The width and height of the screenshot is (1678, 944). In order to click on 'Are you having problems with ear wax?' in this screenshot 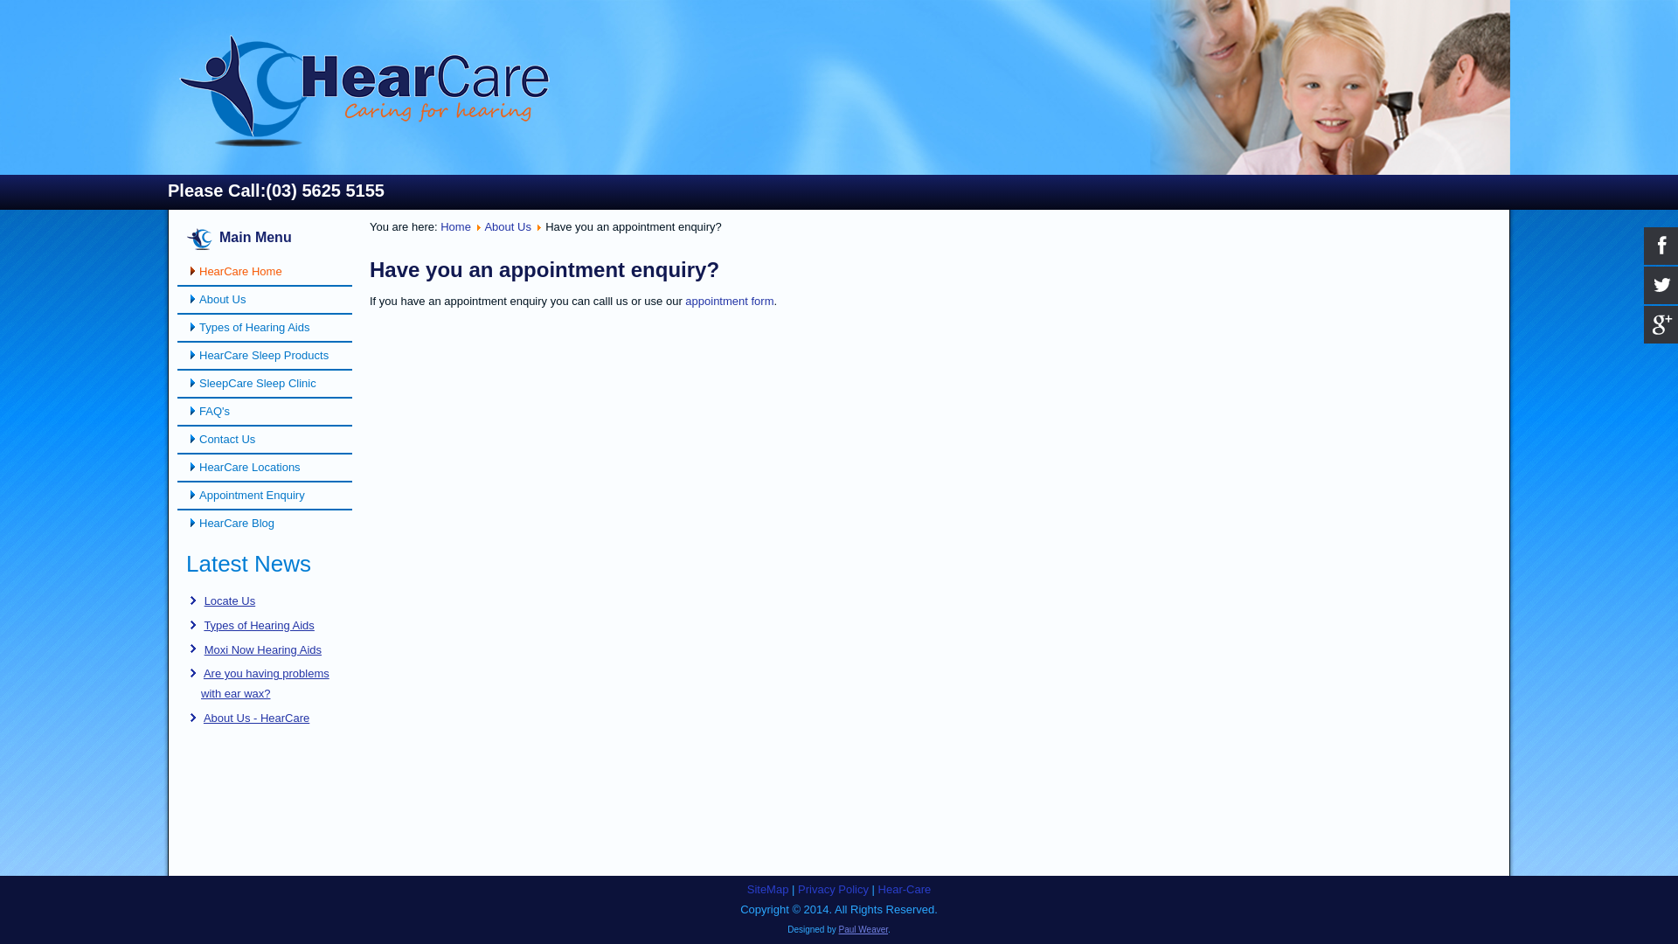, I will do `click(201, 683)`.